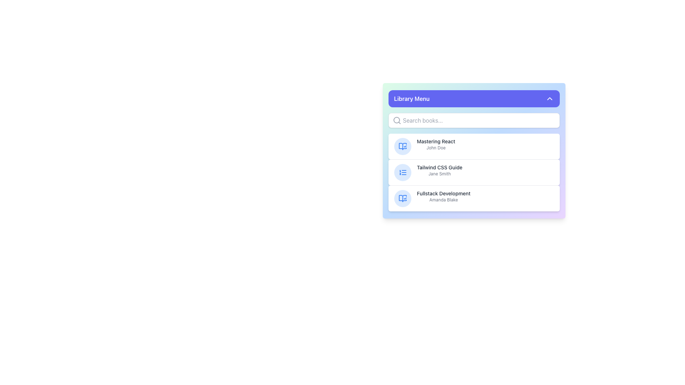 Image resolution: width=685 pixels, height=385 pixels. I want to click on the text label displaying the title 'Mastering React', which is styled in gray and located in the first card layout under the search bar, so click(436, 142).